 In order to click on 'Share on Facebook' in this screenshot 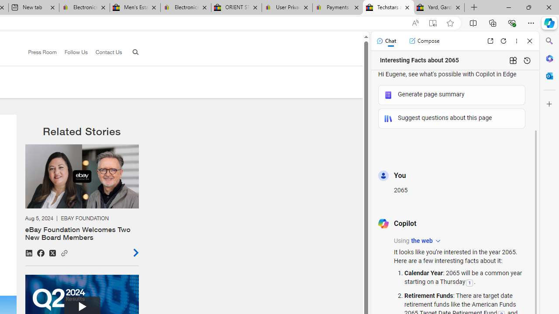, I will do `click(40, 253)`.